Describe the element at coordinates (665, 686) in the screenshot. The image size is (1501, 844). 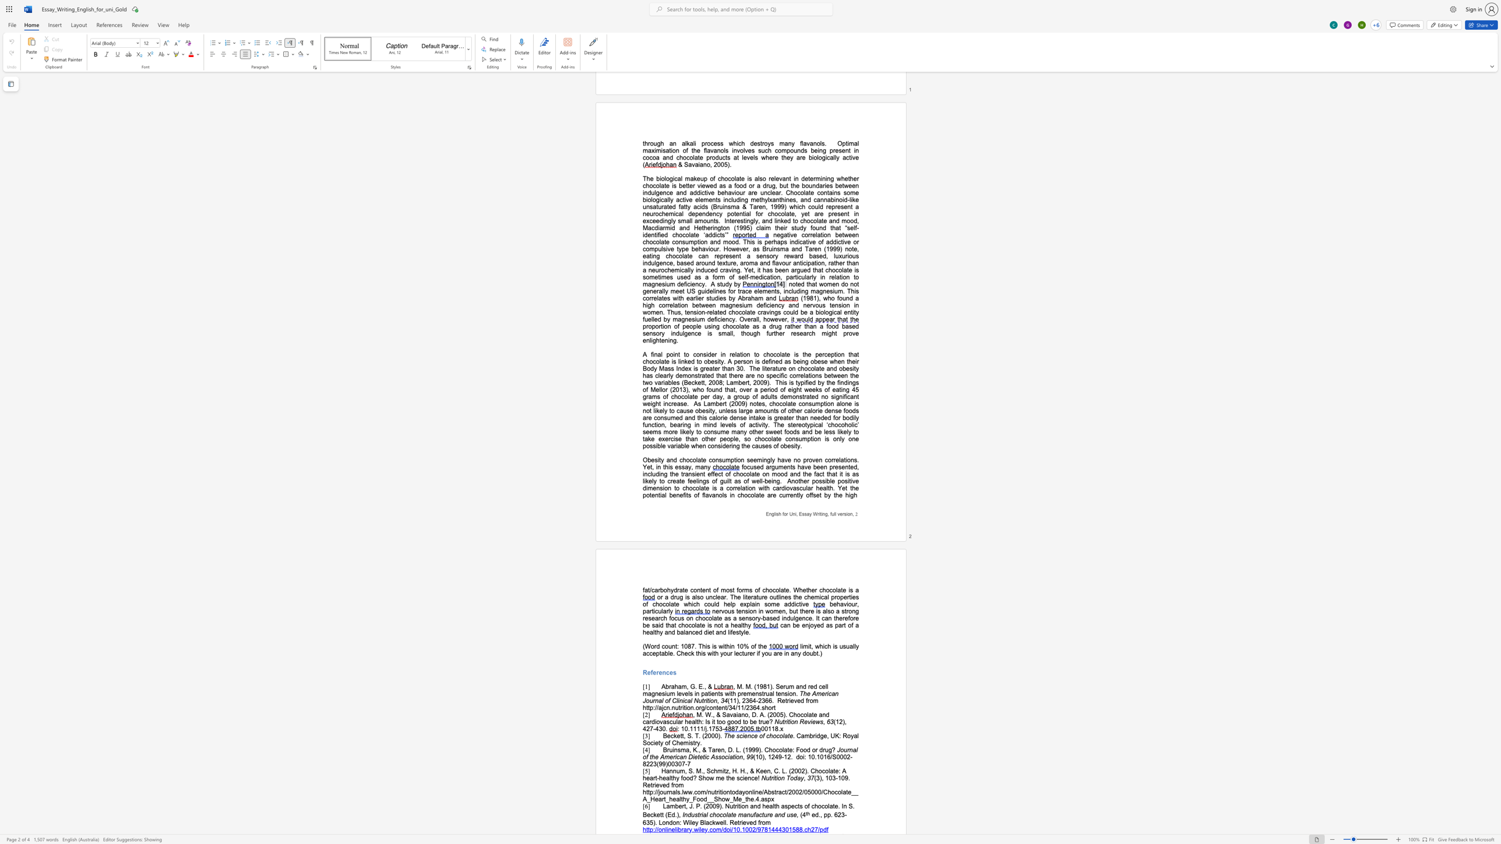
I see `the space between the continuous character "A" and "b" in the text` at that location.